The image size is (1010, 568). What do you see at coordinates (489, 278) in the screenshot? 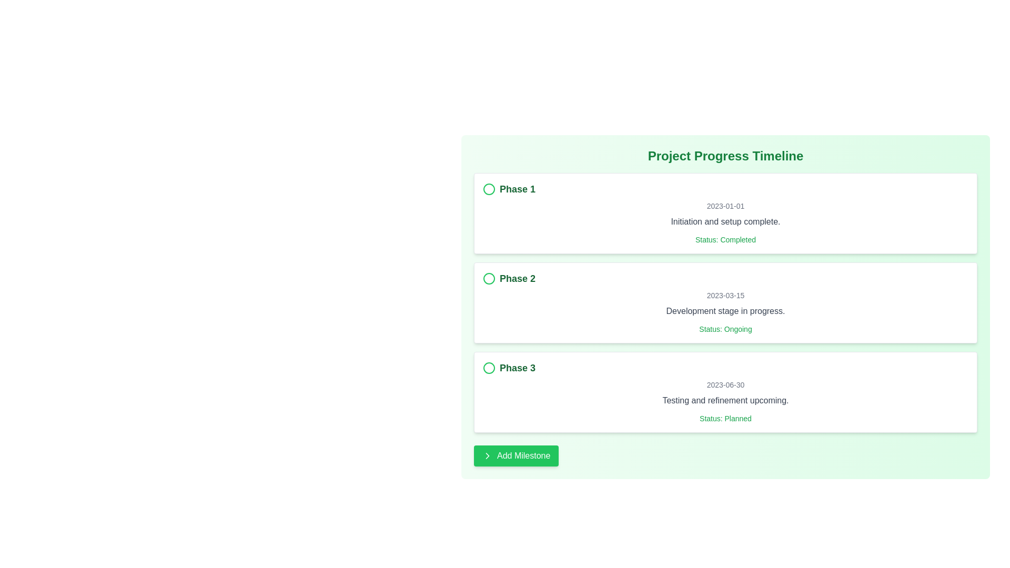
I see `the graphical indicator represented as a green-stroked, white-filled circle beside the 'Phase 2' label in the Project Progress Timeline` at bounding box center [489, 278].